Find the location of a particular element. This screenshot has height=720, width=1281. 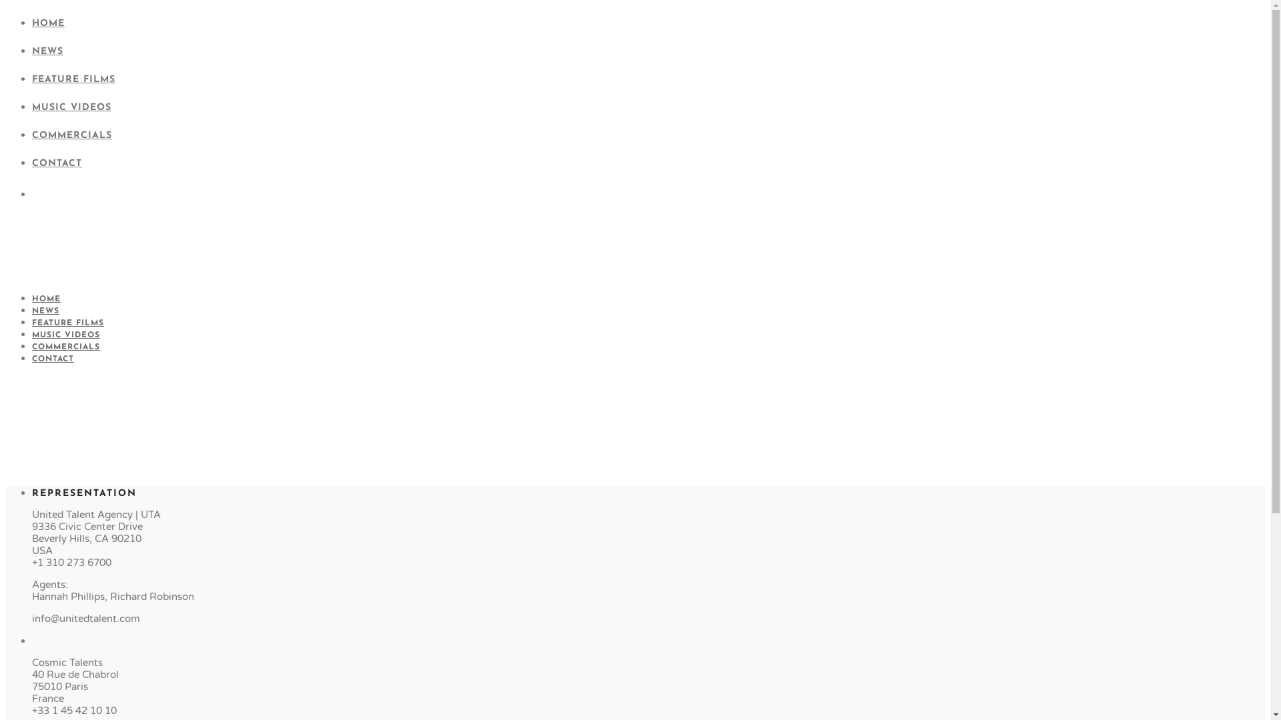

'HOME' is located at coordinates (46, 298).